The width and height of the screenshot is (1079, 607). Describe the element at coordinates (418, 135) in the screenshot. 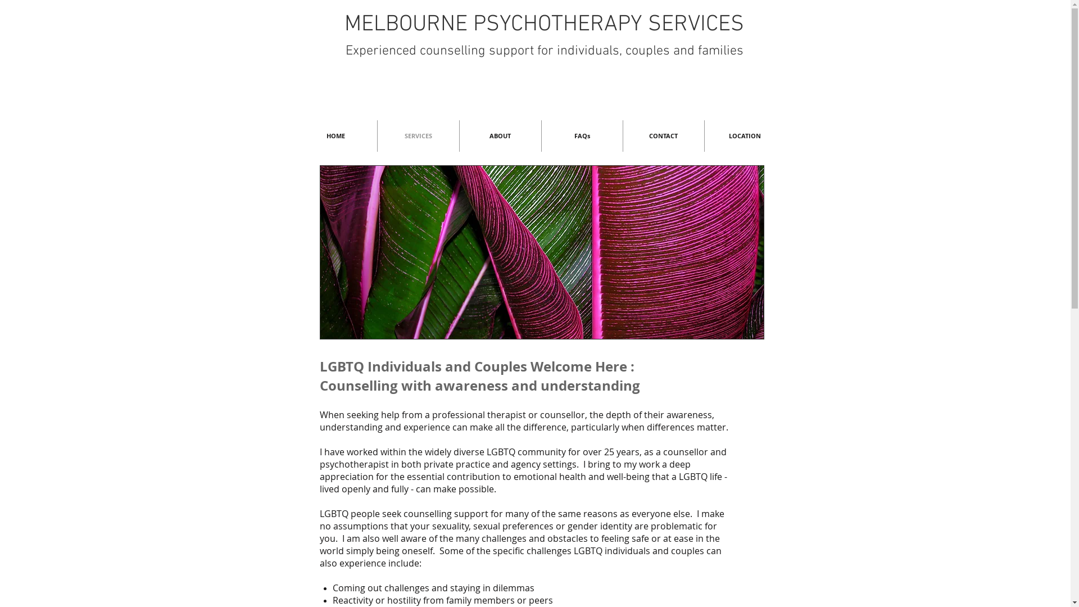

I see `'SERVICES'` at that location.